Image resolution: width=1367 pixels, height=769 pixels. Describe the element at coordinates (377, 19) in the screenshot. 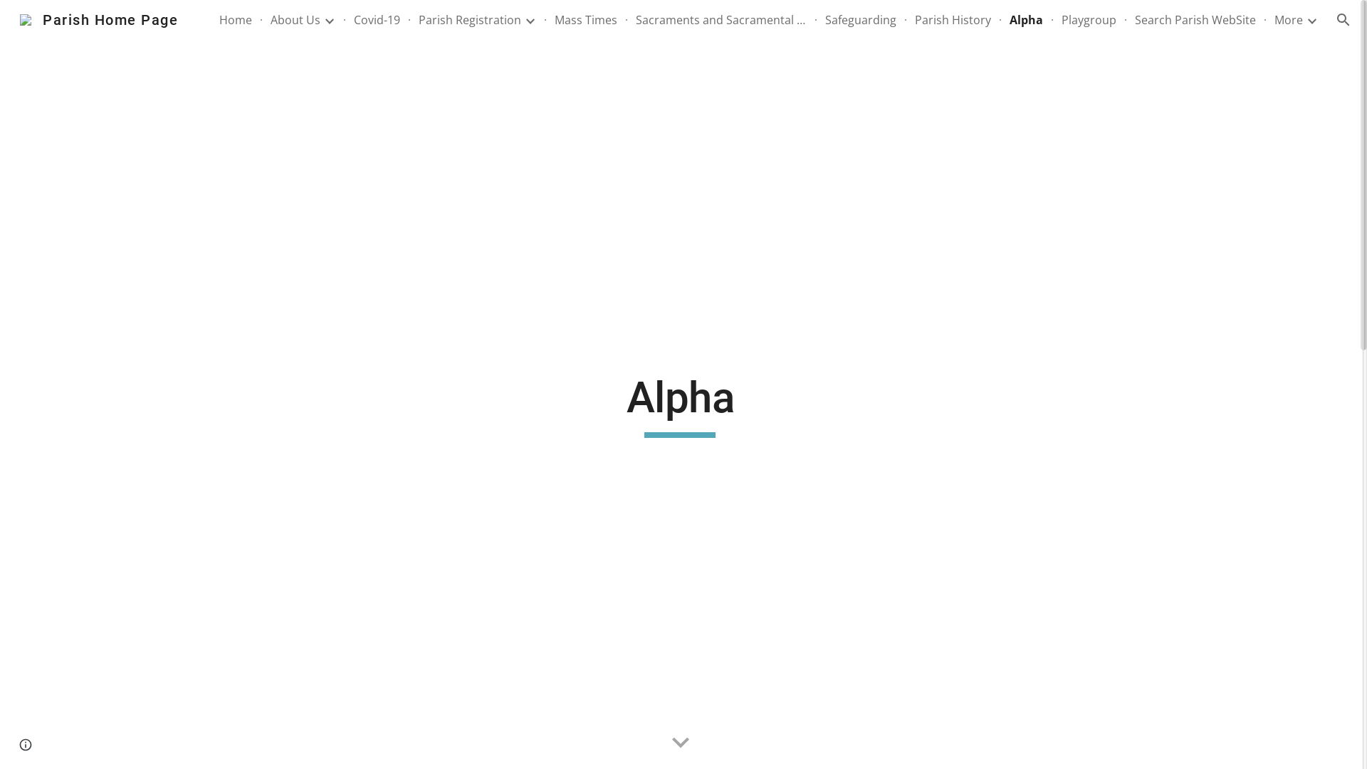

I see `'Covid-19'` at that location.